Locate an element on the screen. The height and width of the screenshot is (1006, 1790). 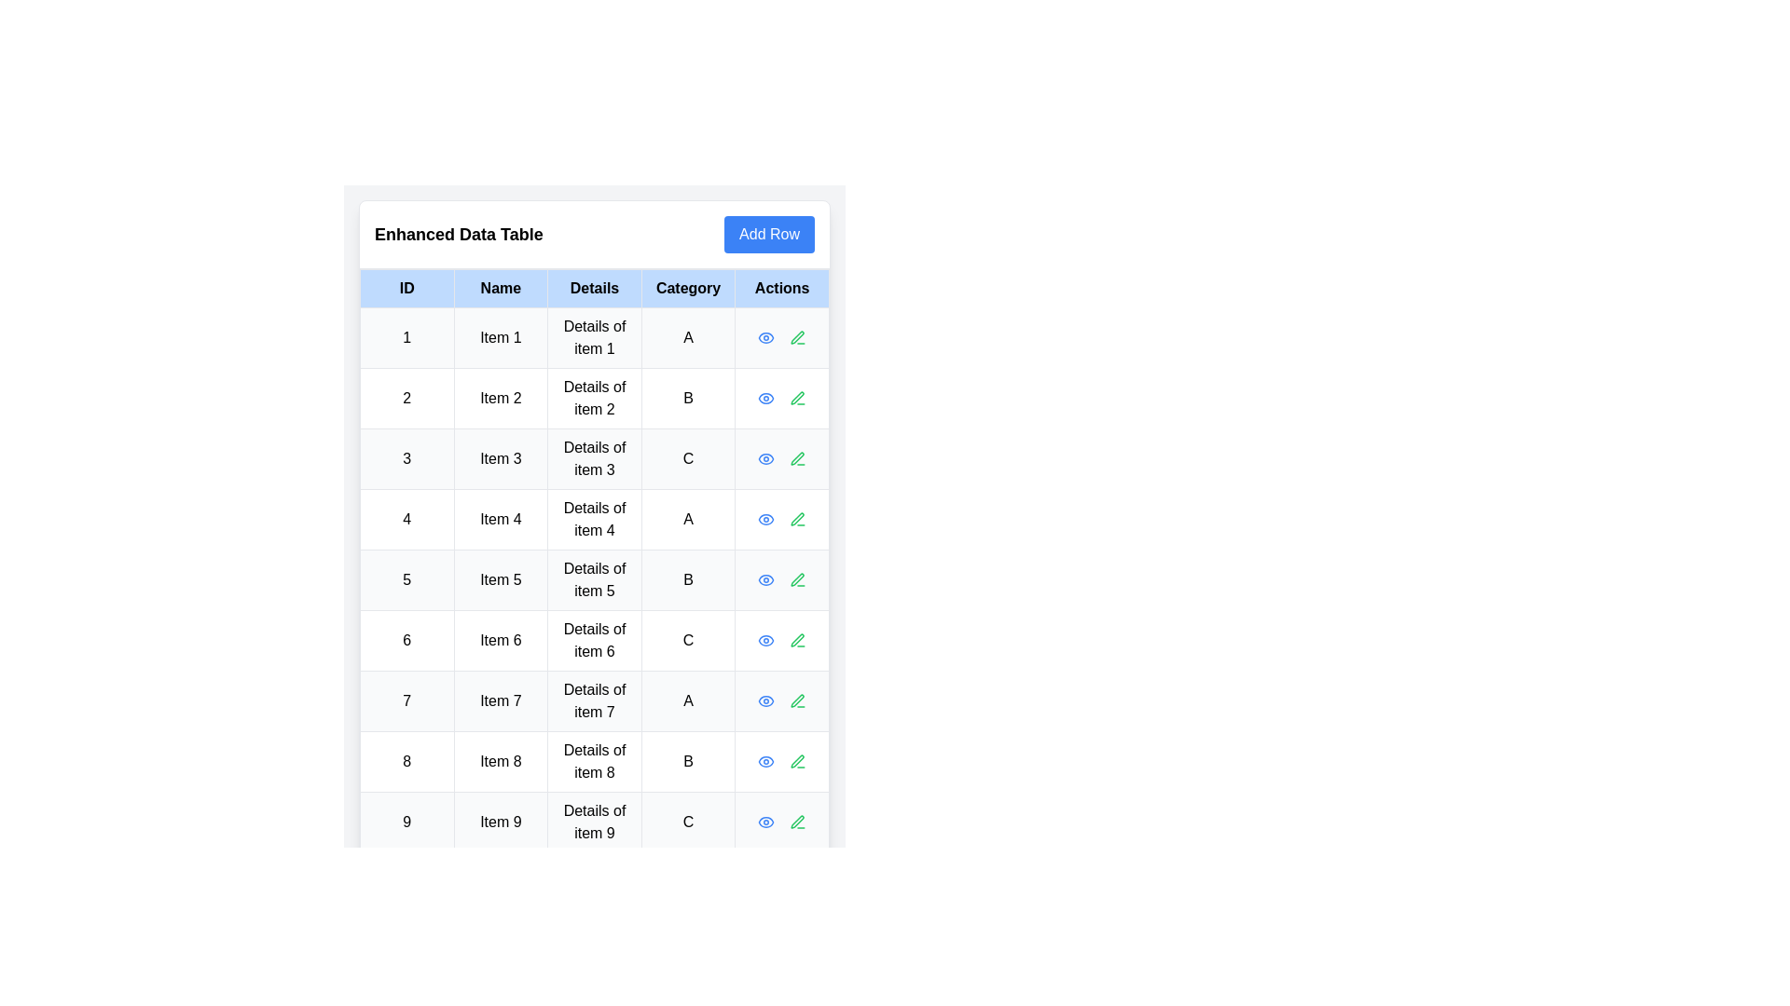
the pen icon in the 'Actions' column corresponding to 'Item 4' is located at coordinates (797, 519).